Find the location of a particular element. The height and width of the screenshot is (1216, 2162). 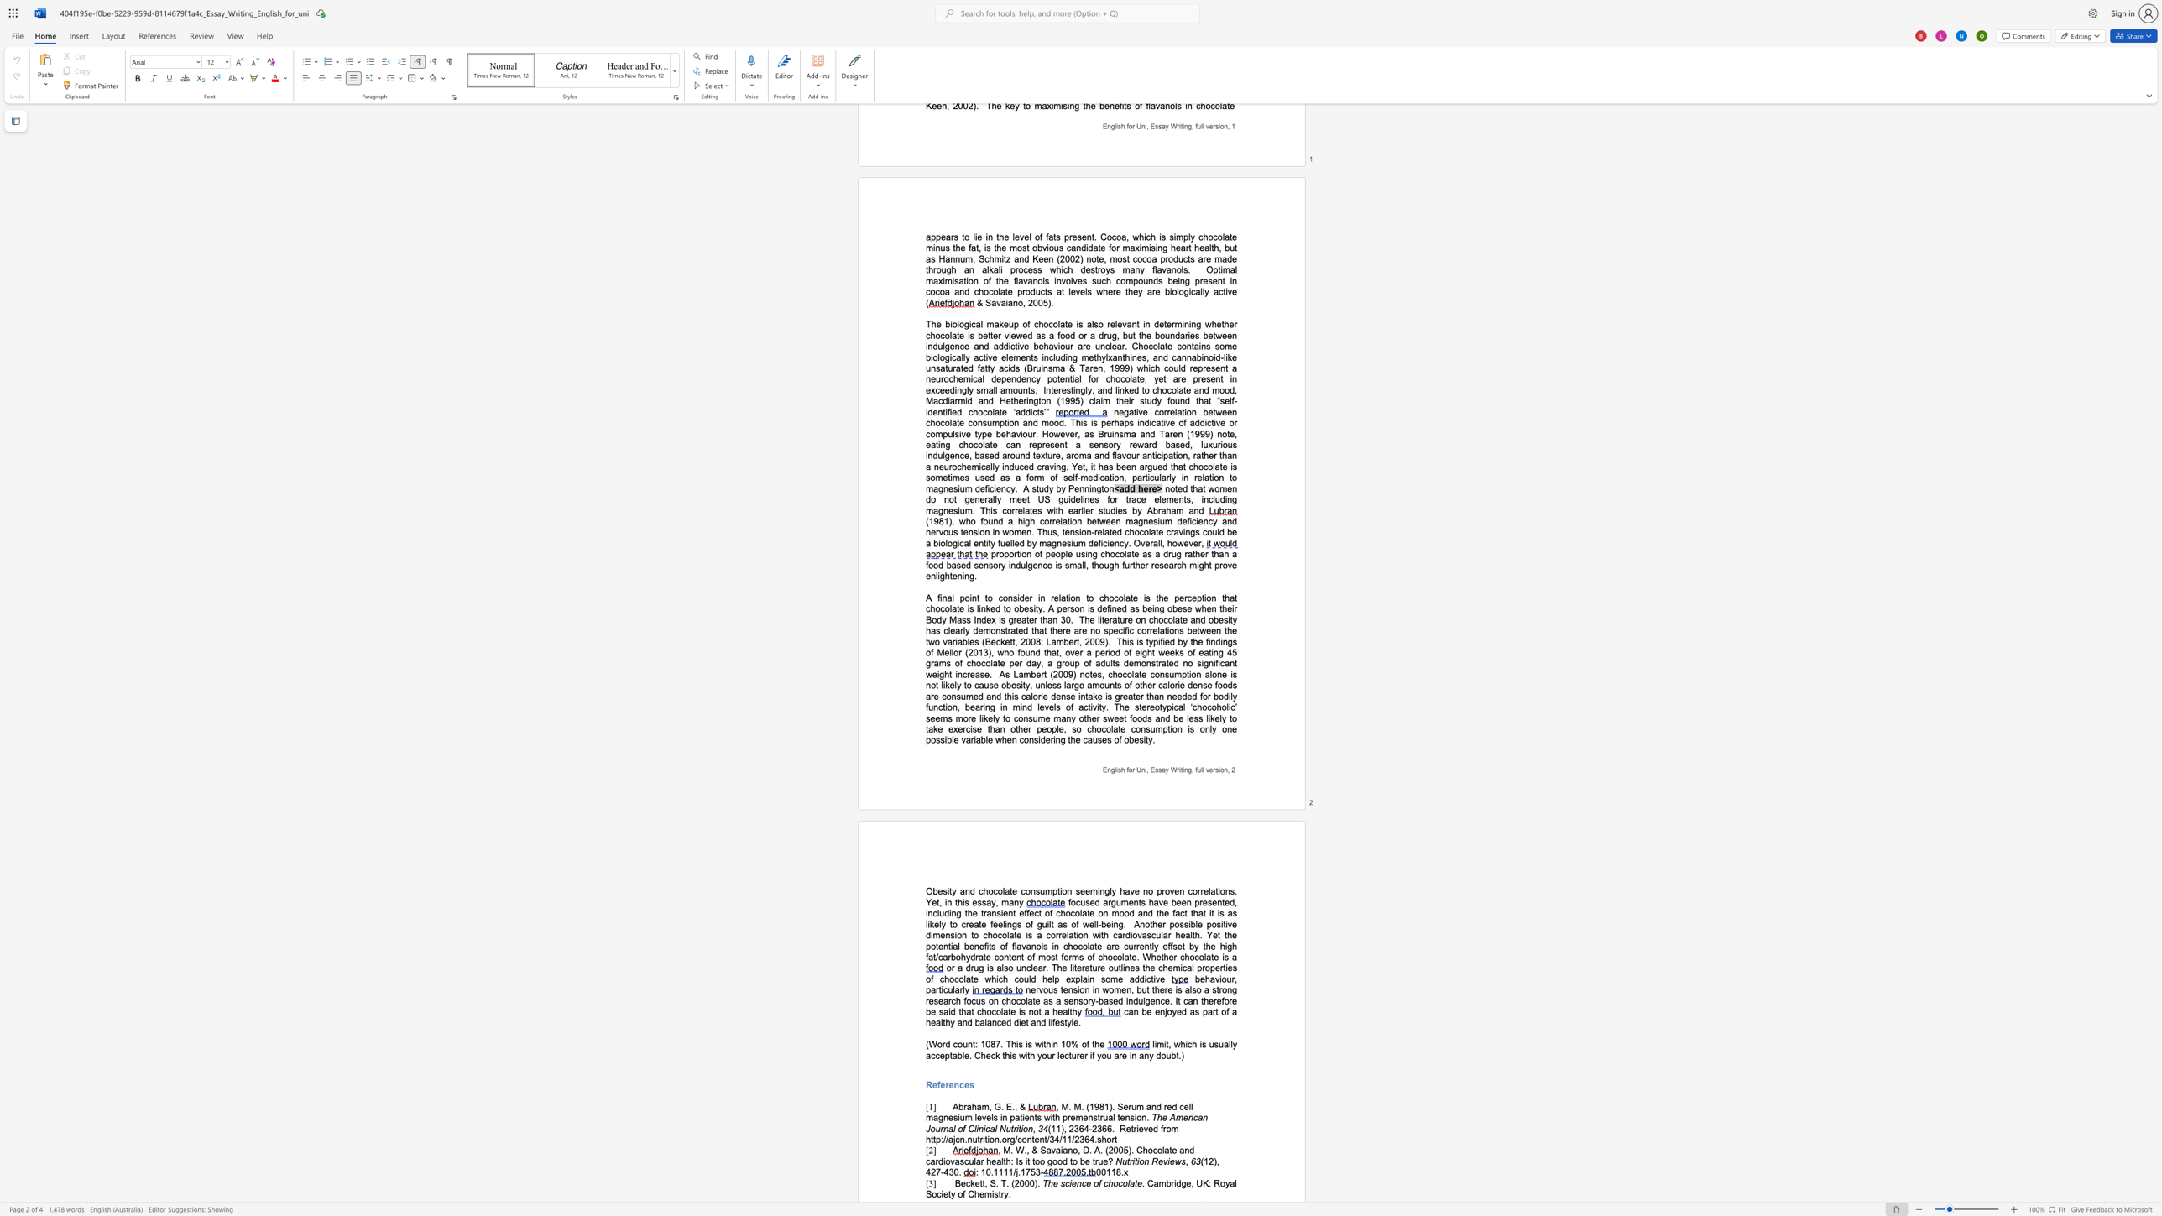

the 1th character "t" in the text is located at coordinates (973, 1043).